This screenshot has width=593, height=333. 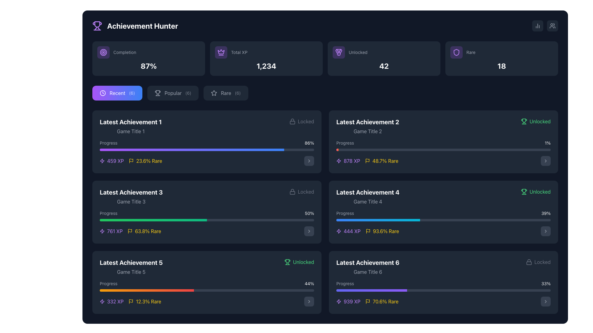 What do you see at coordinates (97, 26) in the screenshot?
I see `the trophy icon styled with a purple hue, located at the top left corner of the interface before the 'Achievement Hunter' text` at bounding box center [97, 26].